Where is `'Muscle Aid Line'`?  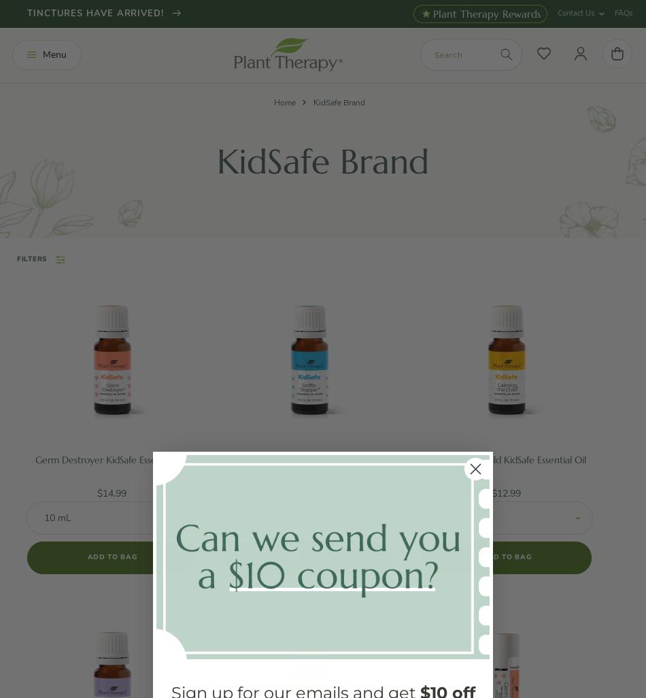
'Muscle Aid Line' is located at coordinates (78, 452).